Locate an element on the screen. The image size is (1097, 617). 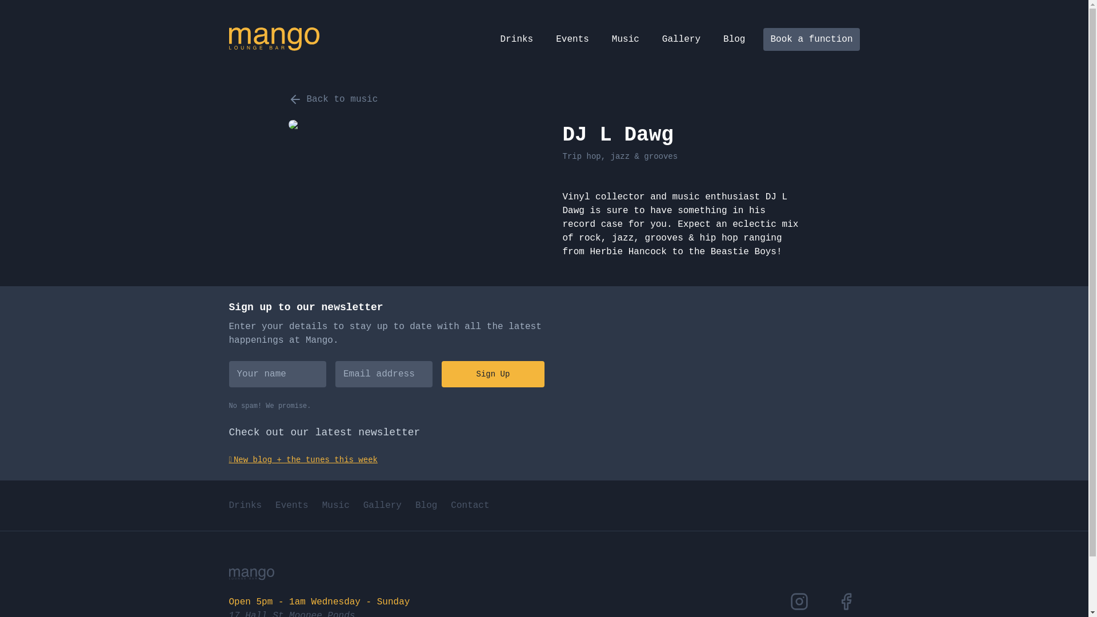
'Contact' is located at coordinates (470, 504).